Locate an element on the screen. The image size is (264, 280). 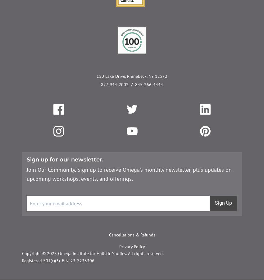
'Registered 501(c)(3). EIN: 23-7233306' is located at coordinates (58, 260).